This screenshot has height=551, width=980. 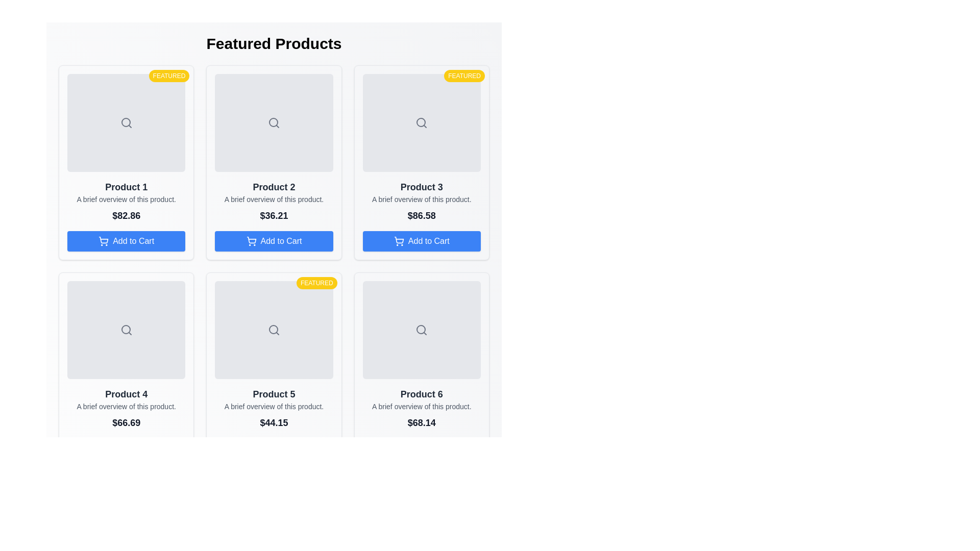 What do you see at coordinates (125, 121) in the screenshot?
I see `the central part of the search icon for 'Product 1' to initiate the product detail view` at bounding box center [125, 121].